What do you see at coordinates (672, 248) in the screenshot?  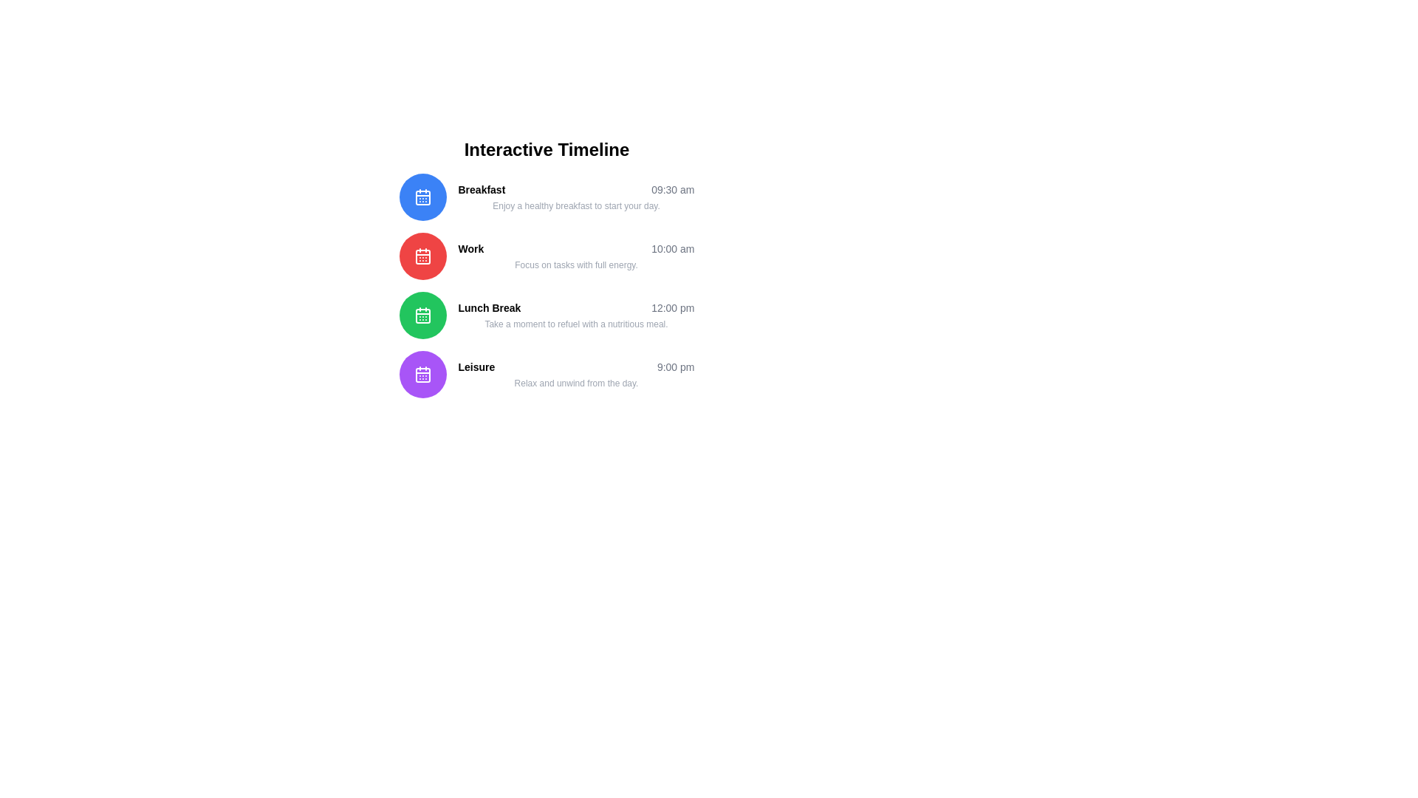 I see `the text label indicating the scheduled time for the 'Work' event, which displays 'Work10:00 am' in the timeline interface` at bounding box center [672, 248].